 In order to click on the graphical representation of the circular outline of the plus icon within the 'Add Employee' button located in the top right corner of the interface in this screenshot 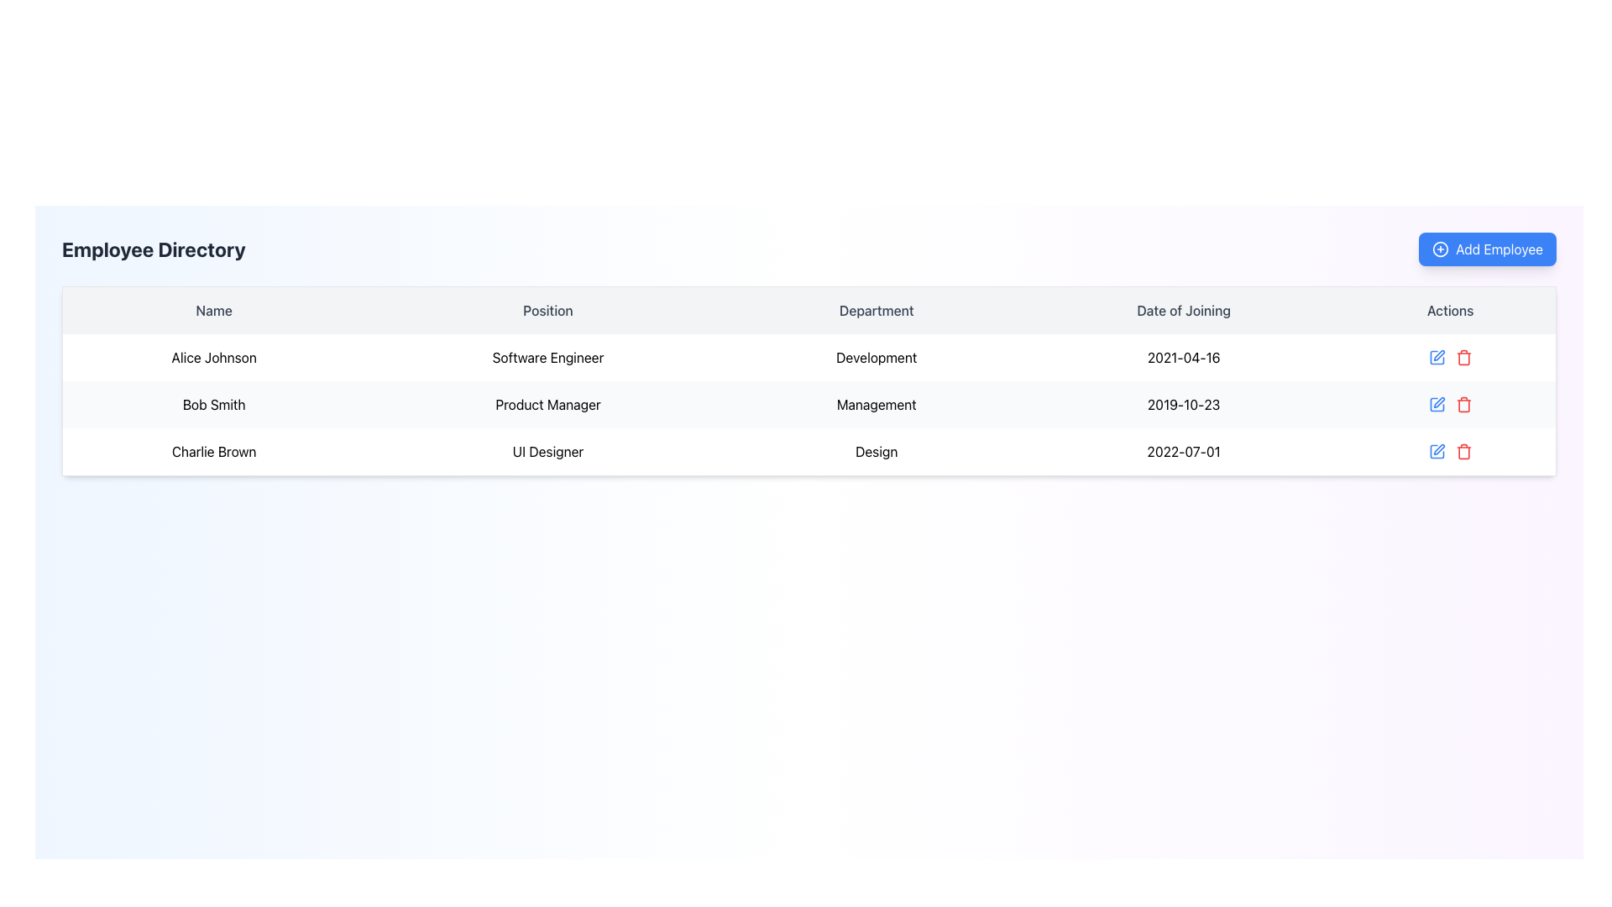, I will do `click(1440, 249)`.